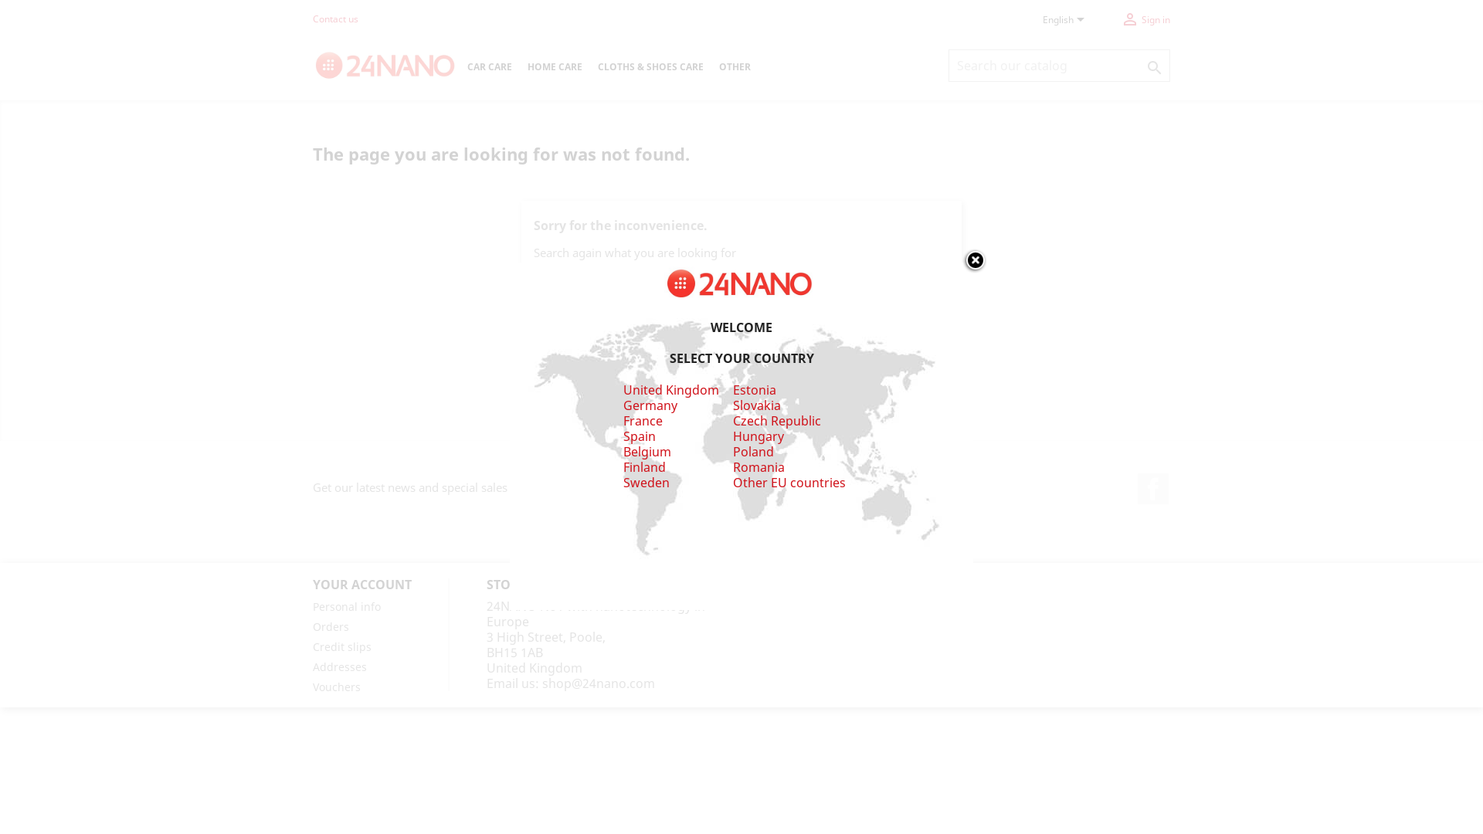 This screenshot has width=1483, height=834. I want to click on 'France', so click(642, 420).